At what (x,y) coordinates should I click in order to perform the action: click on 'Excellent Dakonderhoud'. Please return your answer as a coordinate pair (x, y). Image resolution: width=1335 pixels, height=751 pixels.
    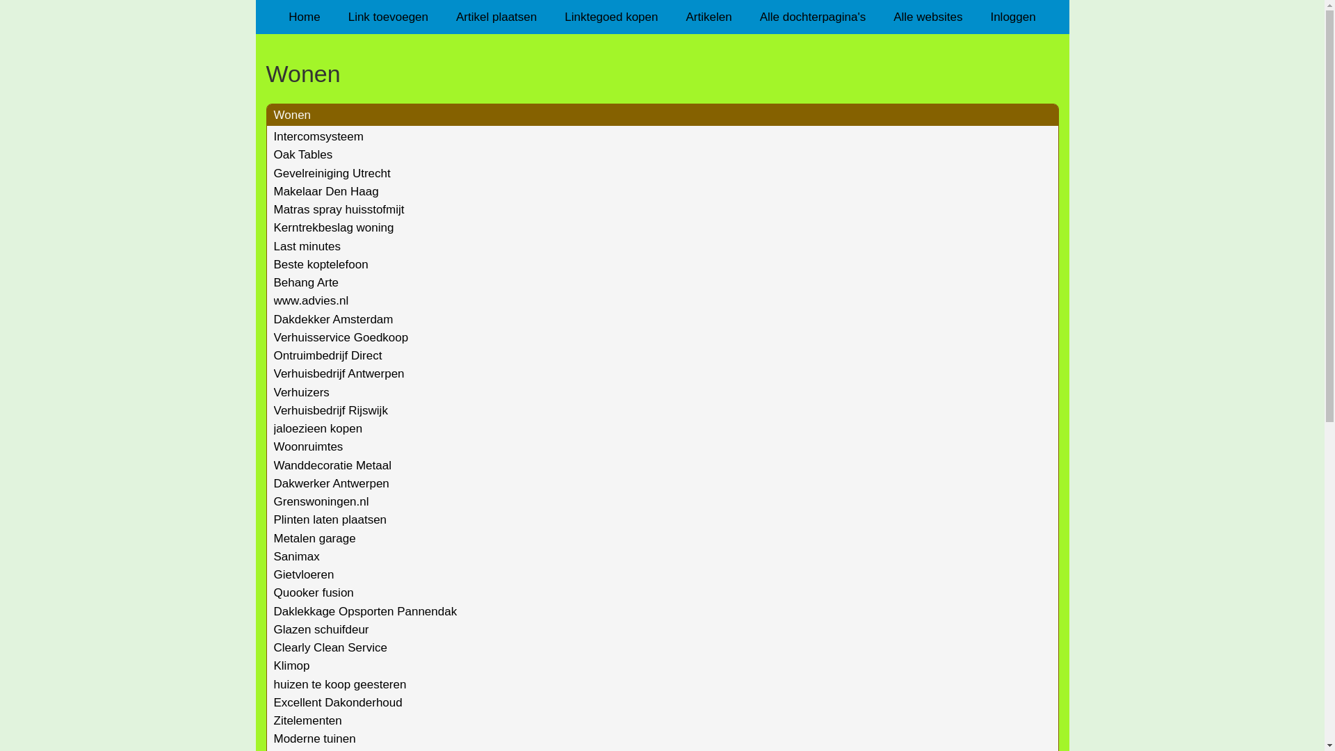
    Looking at the image, I should click on (338, 702).